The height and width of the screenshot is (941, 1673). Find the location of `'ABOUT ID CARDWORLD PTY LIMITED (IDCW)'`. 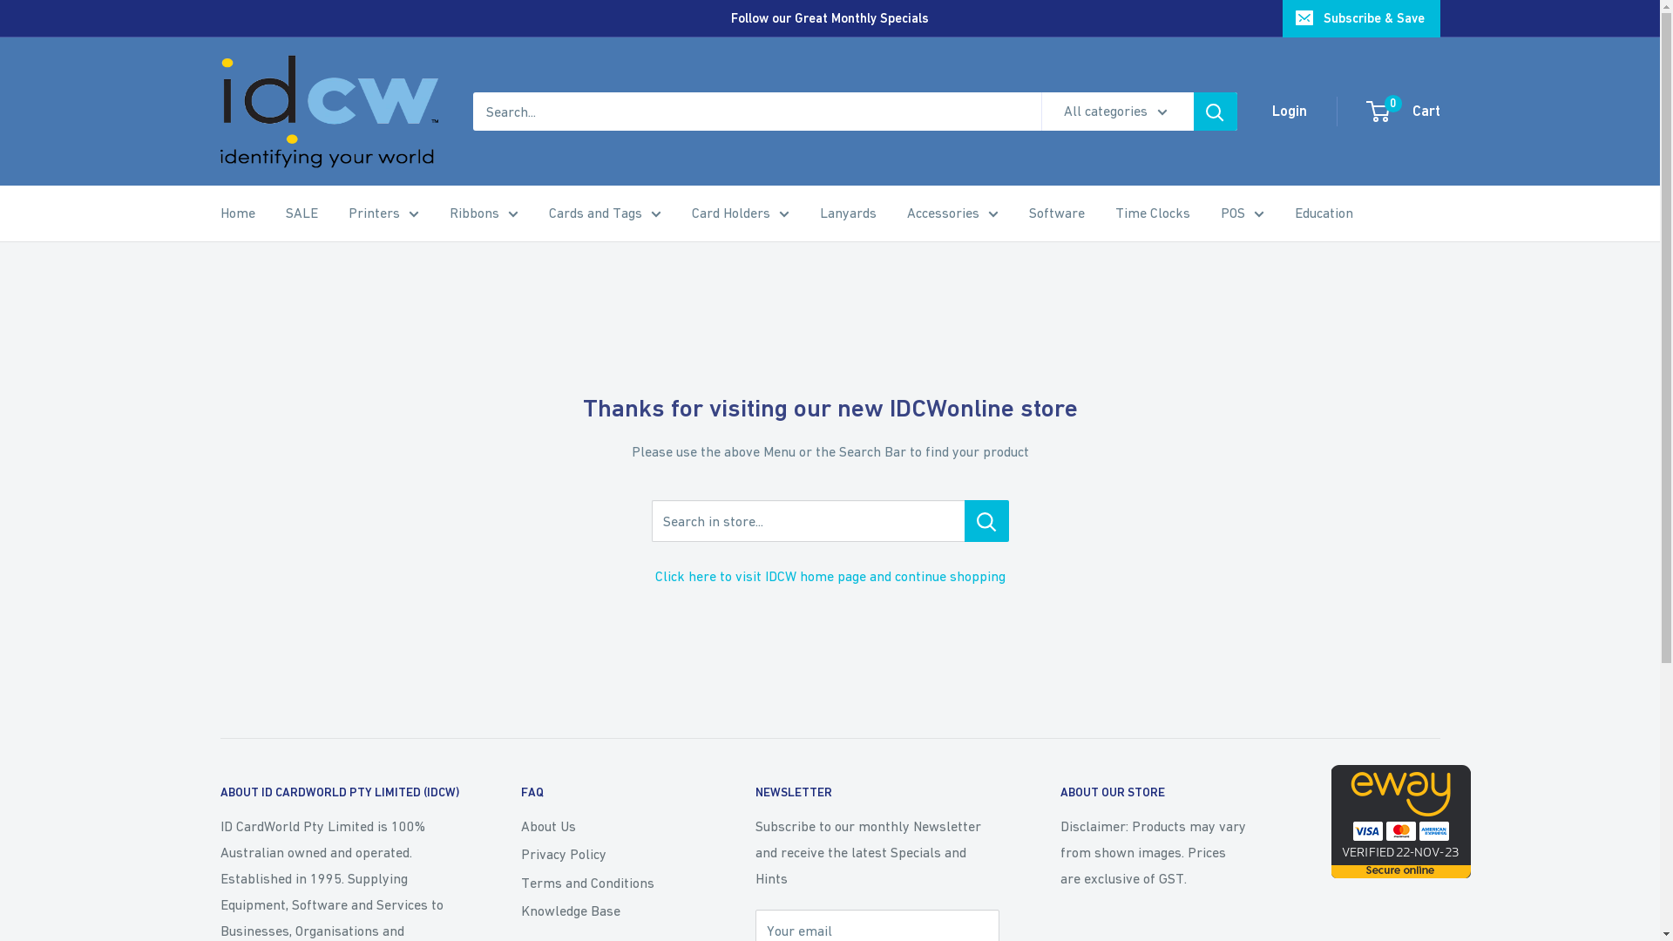

'ABOUT ID CARDWORLD PTY LIMITED (IDCW)' is located at coordinates (339, 793).